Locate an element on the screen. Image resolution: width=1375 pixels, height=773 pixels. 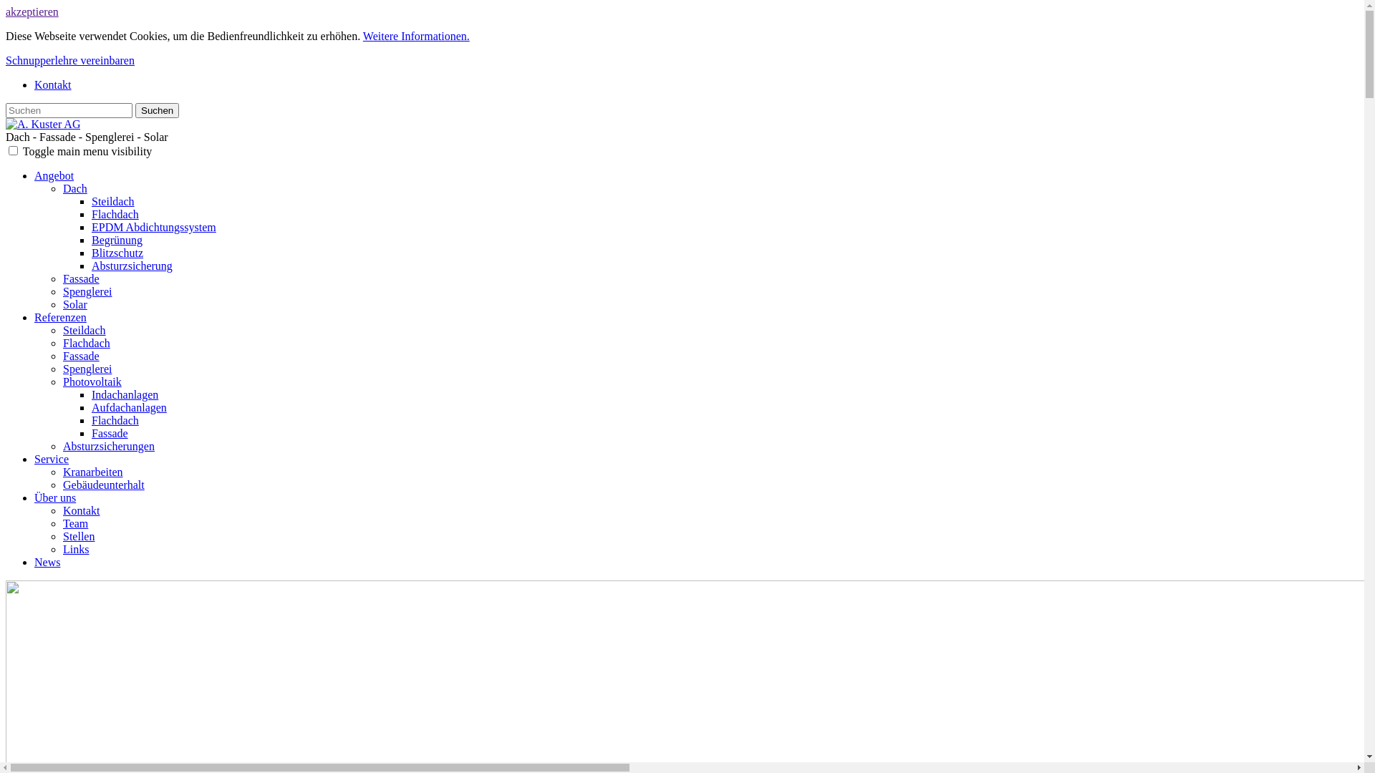
'Links' is located at coordinates (74, 548).